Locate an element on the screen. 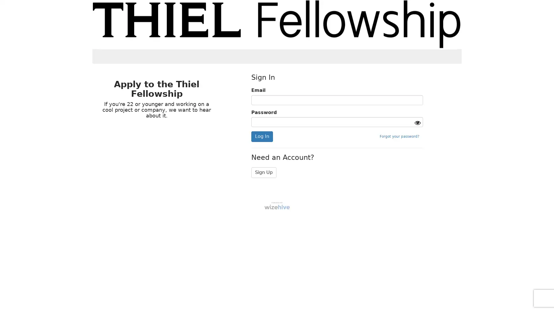 This screenshot has height=311, width=554. Log In is located at coordinates (261, 136).